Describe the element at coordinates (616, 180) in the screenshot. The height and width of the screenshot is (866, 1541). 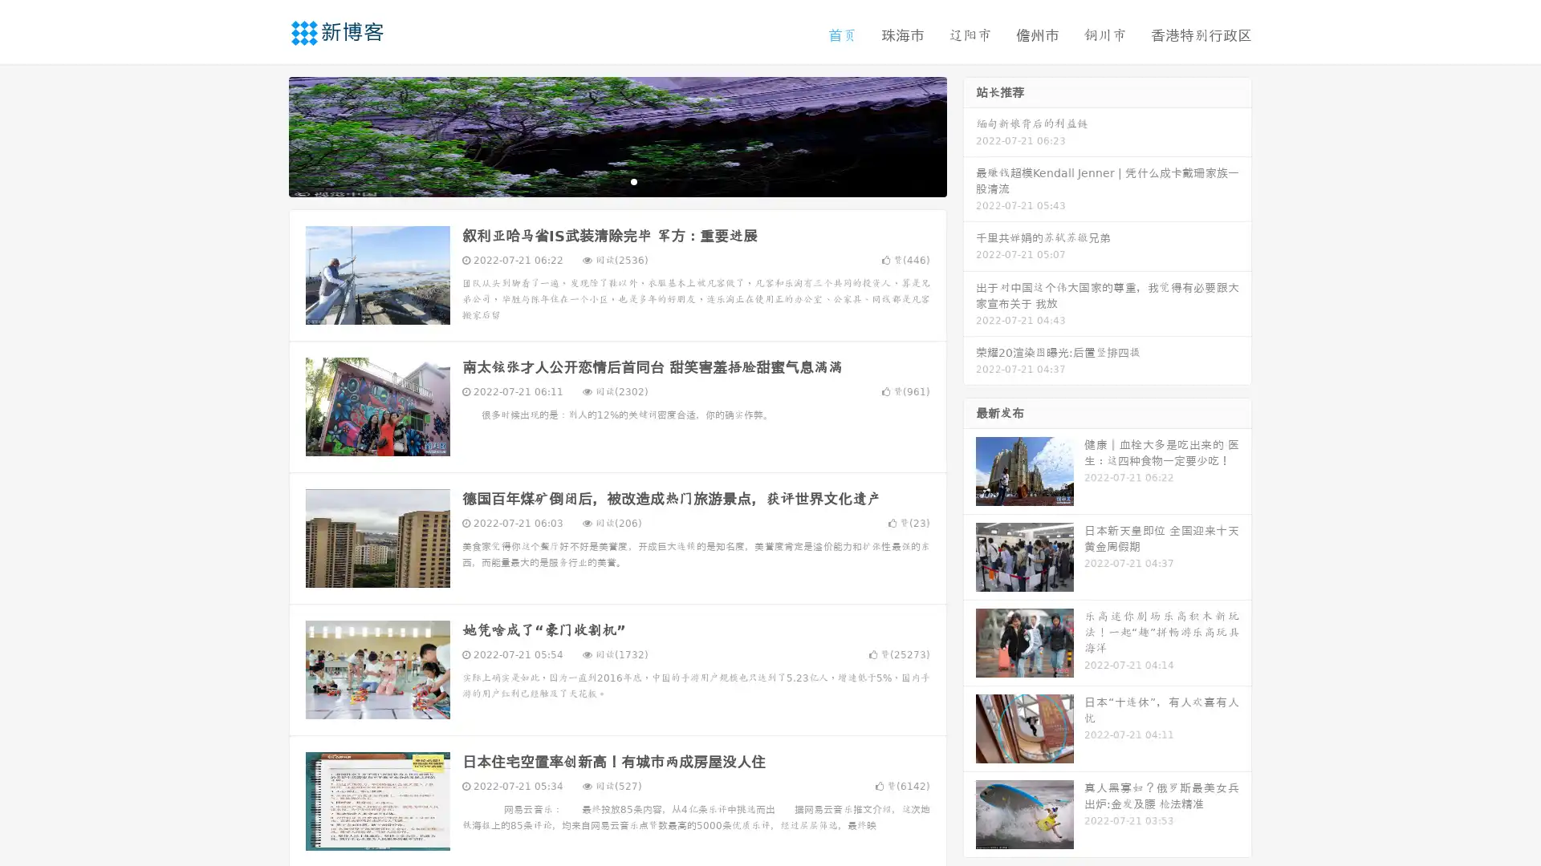
I see `Go to slide 2` at that location.